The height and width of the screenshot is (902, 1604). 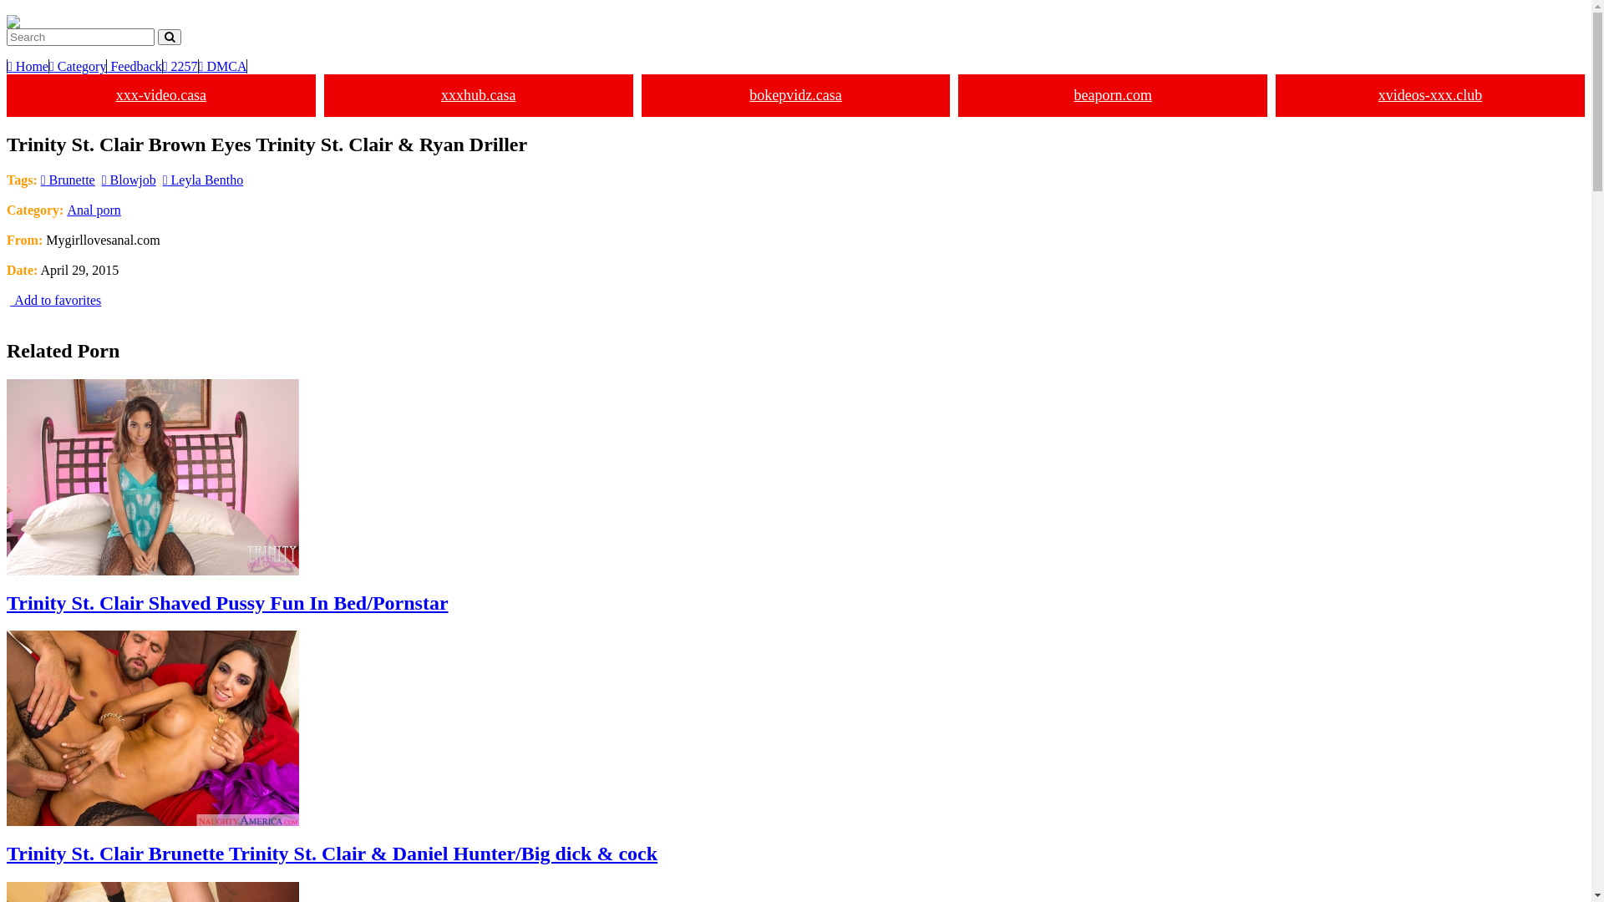 I want to click on 'bokepvidz.casa', so click(x=795, y=95).